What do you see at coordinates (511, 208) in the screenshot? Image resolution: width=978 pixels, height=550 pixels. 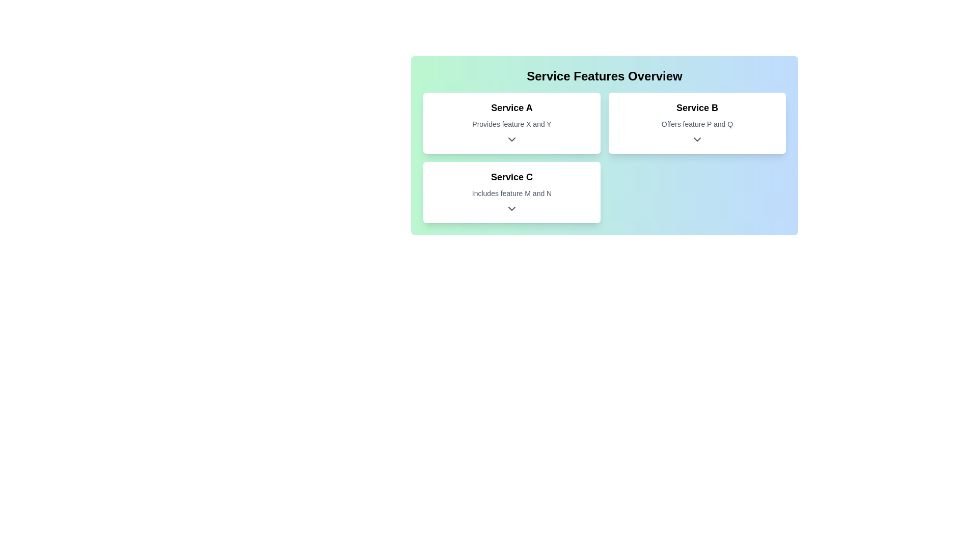 I see `the Icon button for details toggle, which is a chevron located below the text 'Includes feature M and N' in the card for 'Service C'` at bounding box center [511, 208].